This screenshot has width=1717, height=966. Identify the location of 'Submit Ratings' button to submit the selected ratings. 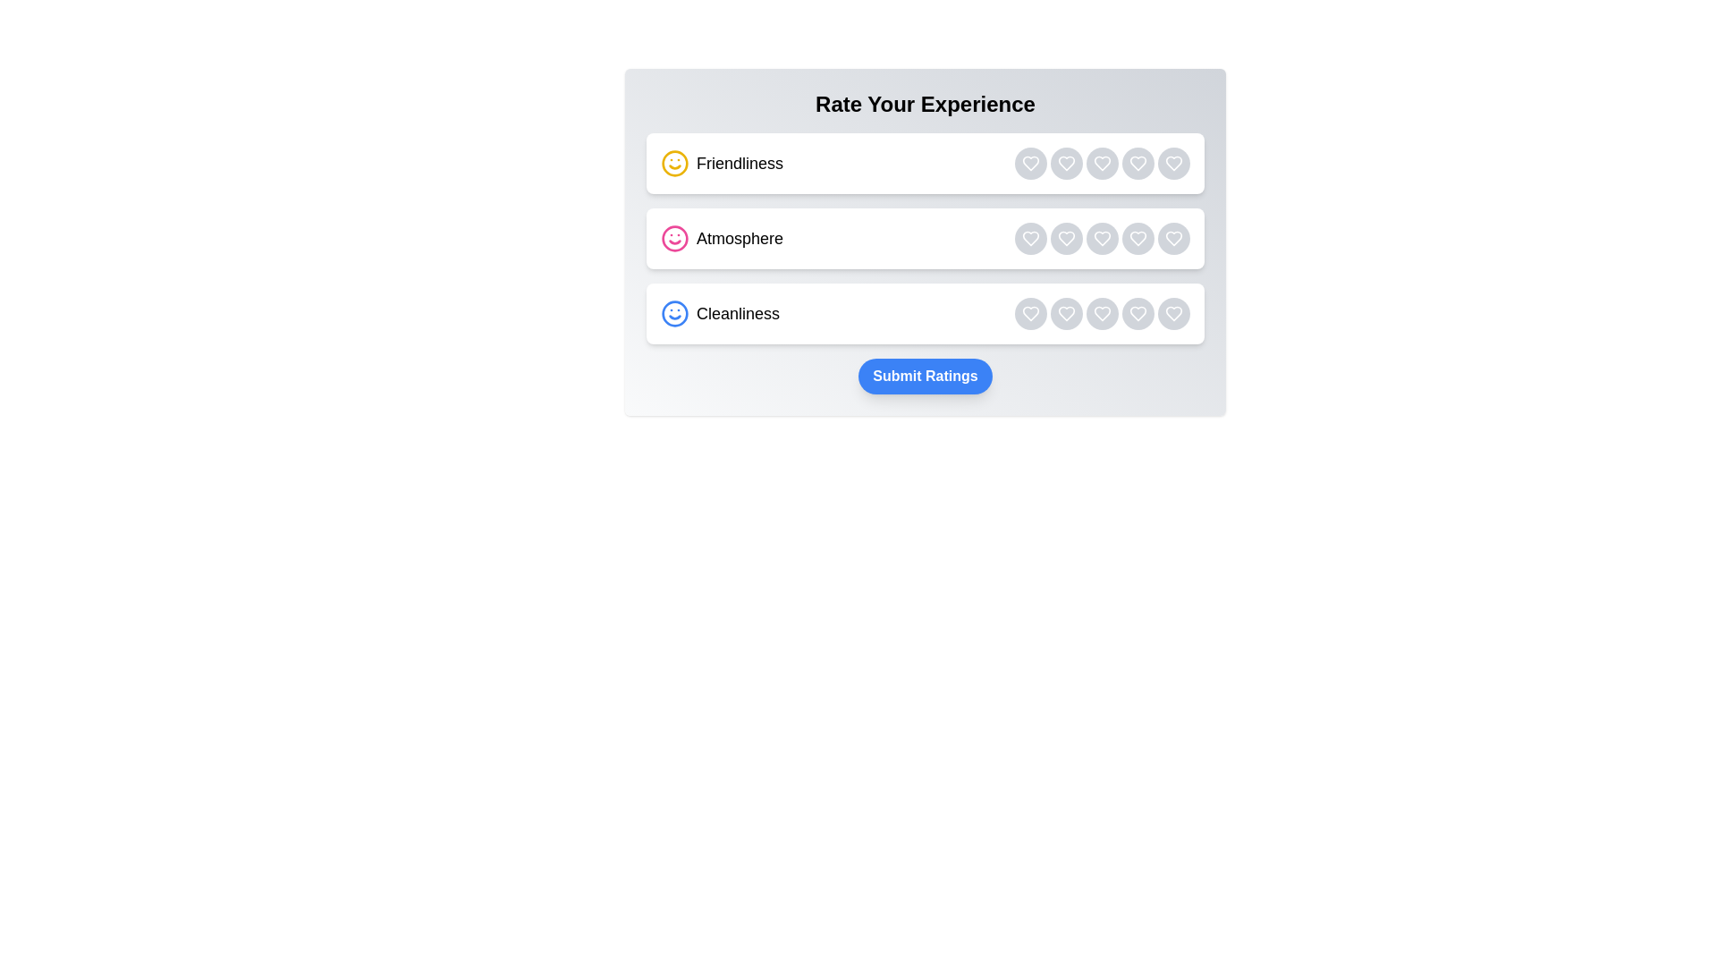
(926, 375).